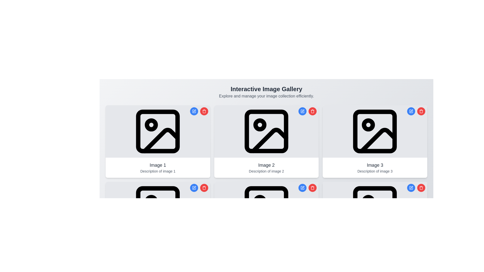 This screenshot has width=484, height=272. Describe the element at coordinates (421, 188) in the screenshot. I see `the red circular button with a white trash can graphic located in the top-right corner of the image block labeled 'Image 3'` at that location.